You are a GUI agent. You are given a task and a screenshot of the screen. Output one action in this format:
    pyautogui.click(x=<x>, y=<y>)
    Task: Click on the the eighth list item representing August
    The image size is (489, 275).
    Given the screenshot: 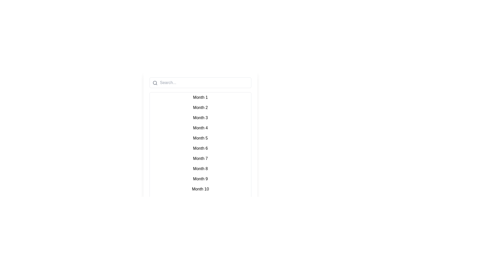 What is the action you would take?
    pyautogui.click(x=200, y=169)
    